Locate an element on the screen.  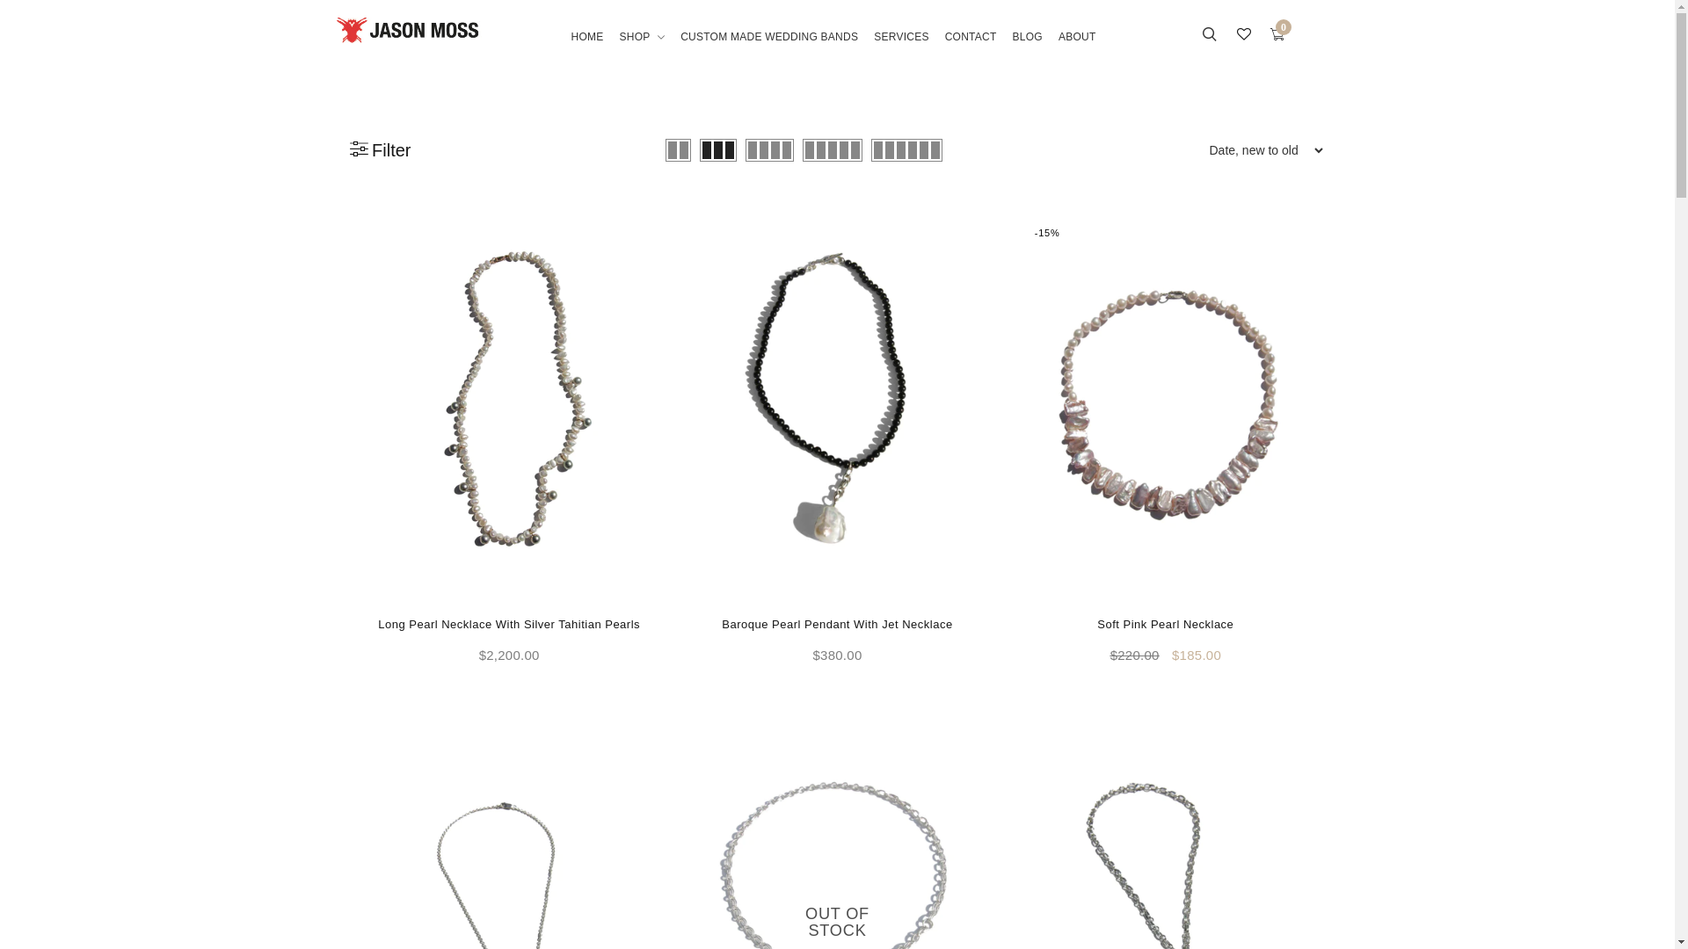
'0' is located at coordinates (1277, 36).